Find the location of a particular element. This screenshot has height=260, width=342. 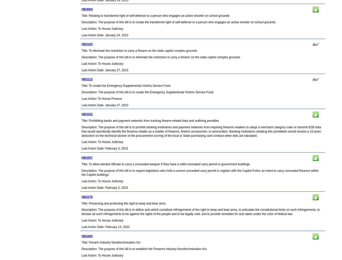

'Description: The purpose of this bill is to eliminate the restriction to carry a firearm on the state capitol complex grounds.' is located at coordinates (160, 57).